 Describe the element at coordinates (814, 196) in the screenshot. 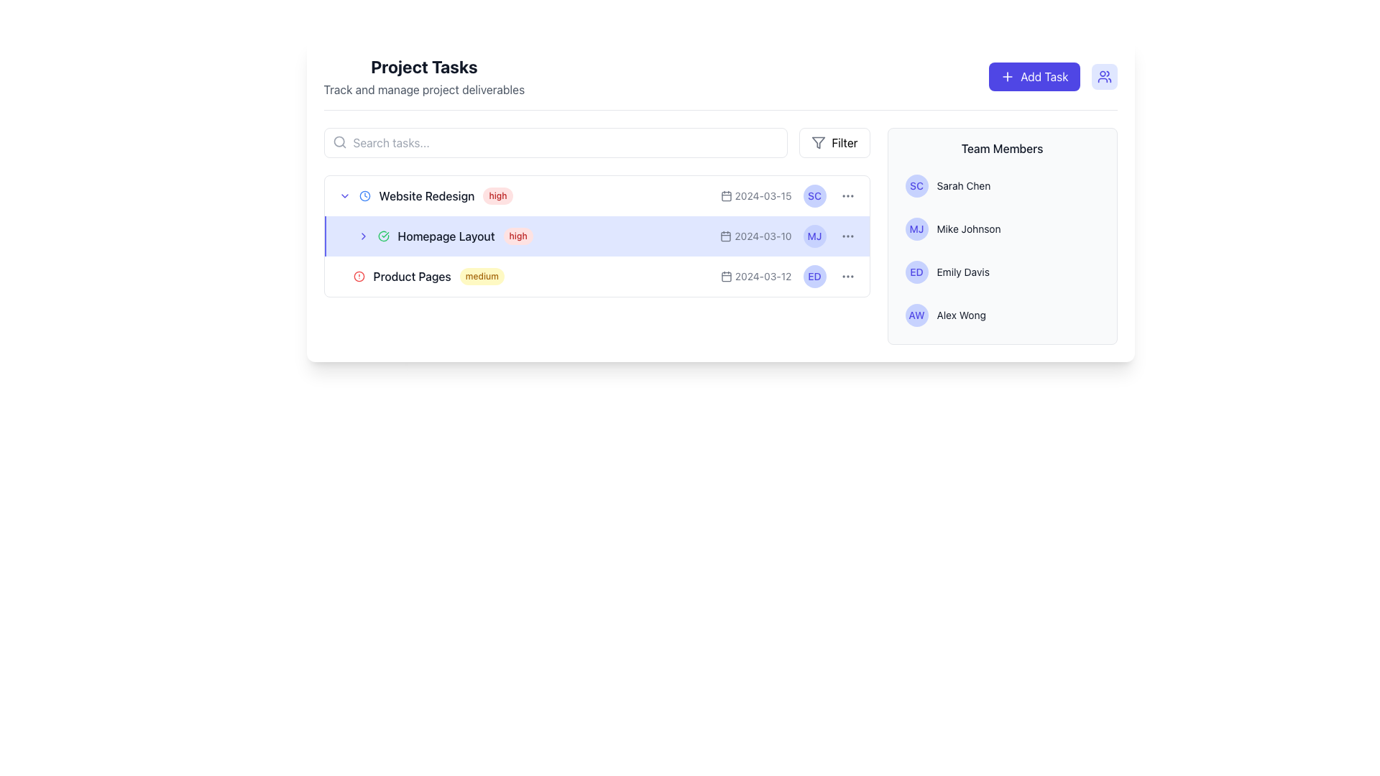

I see `the Avatar icon representing the team member with initials 'SC' located in the task row for 'Website Redesign', near the date '2024-03-15'` at that location.